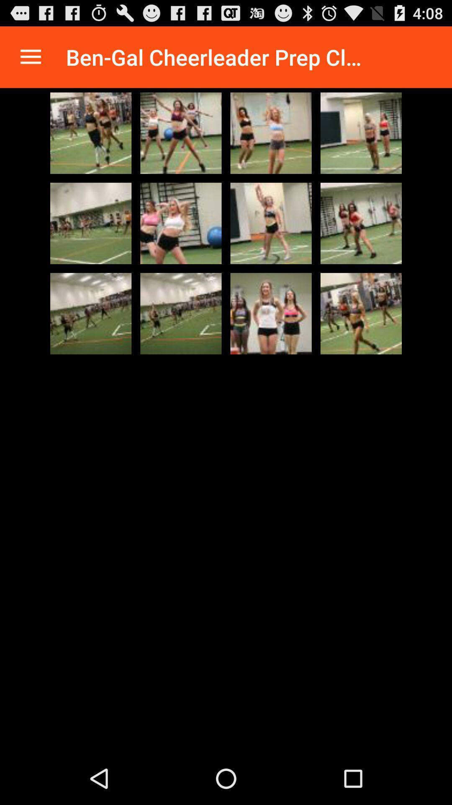  What do you see at coordinates (271, 313) in the screenshot?
I see `image to enlarge` at bounding box center [271, 313].